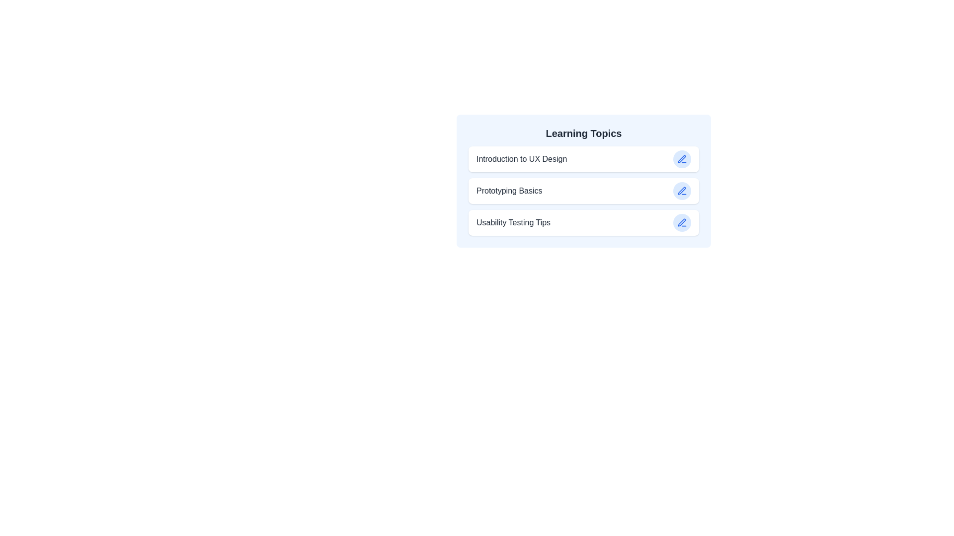  I want to click on the title of the item Introduction to UX Design, so click(521, 158).